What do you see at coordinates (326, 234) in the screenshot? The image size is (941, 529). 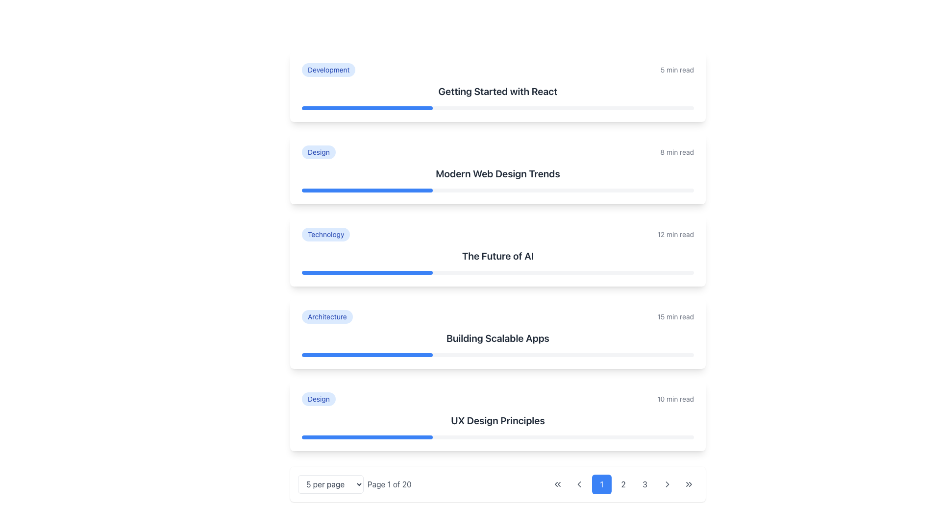 I see `the Tag/Label located in the third row, aligned to the left, above the title 'The Future of AI', for reference` at bounding box center [326, 234].